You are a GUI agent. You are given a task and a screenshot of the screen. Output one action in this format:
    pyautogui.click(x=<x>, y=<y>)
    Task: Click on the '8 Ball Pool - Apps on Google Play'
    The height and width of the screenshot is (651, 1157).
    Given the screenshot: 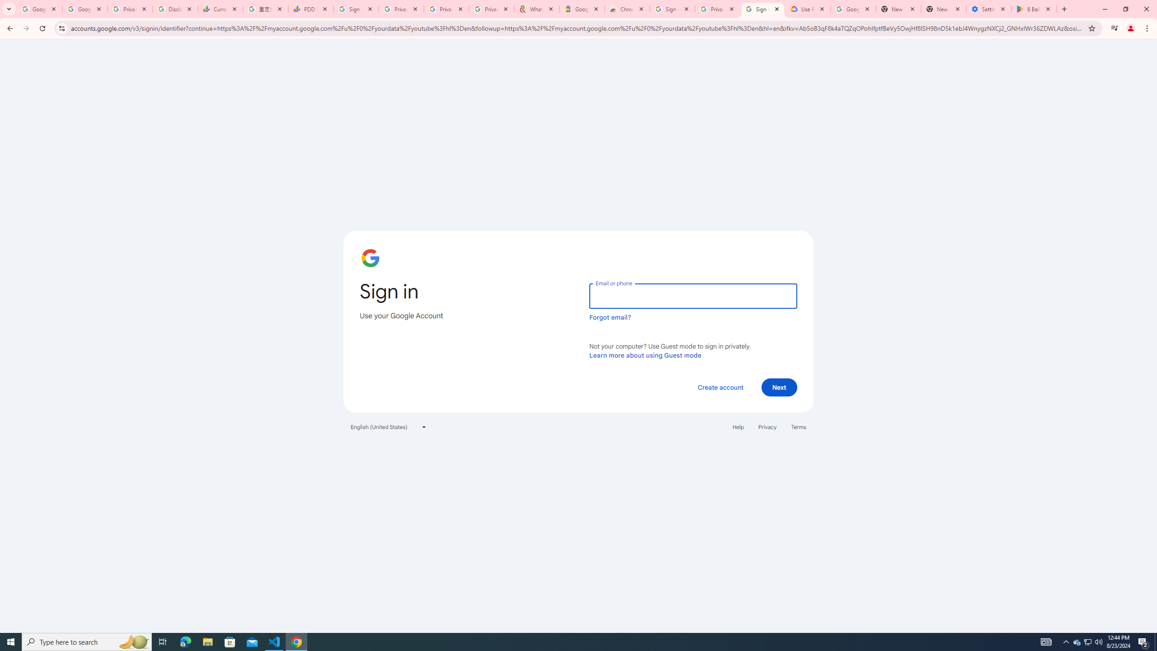 What is the action you would take?
    pyautogui.click(x=1034, y=9)
    